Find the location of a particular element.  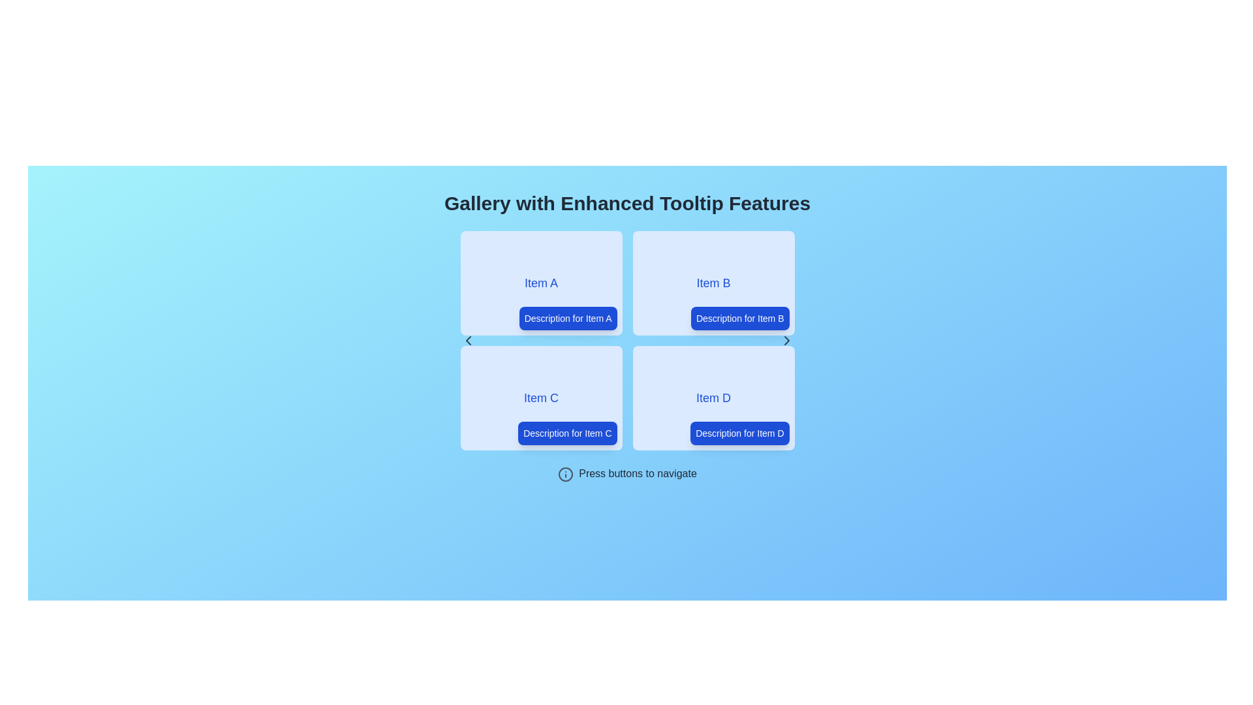

the information icon located near the bottom of the interface, immediately to the left of the text 'Press buttons to navigate' is located at coordinates (566, 473).